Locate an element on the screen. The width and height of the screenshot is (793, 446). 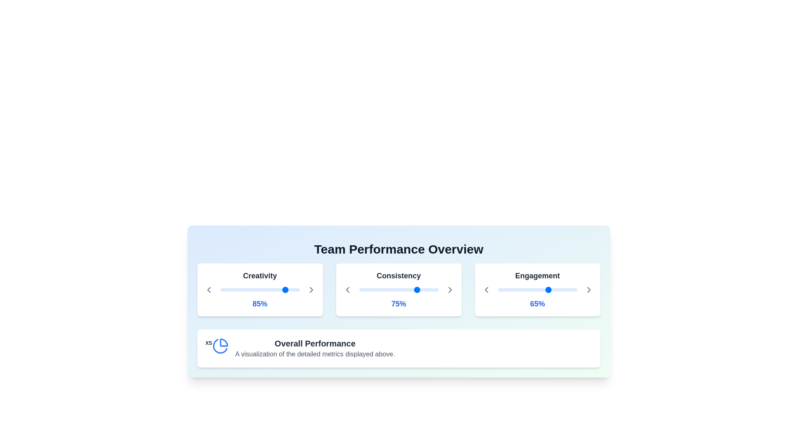
the slider value is located at coordinates (433, 289).